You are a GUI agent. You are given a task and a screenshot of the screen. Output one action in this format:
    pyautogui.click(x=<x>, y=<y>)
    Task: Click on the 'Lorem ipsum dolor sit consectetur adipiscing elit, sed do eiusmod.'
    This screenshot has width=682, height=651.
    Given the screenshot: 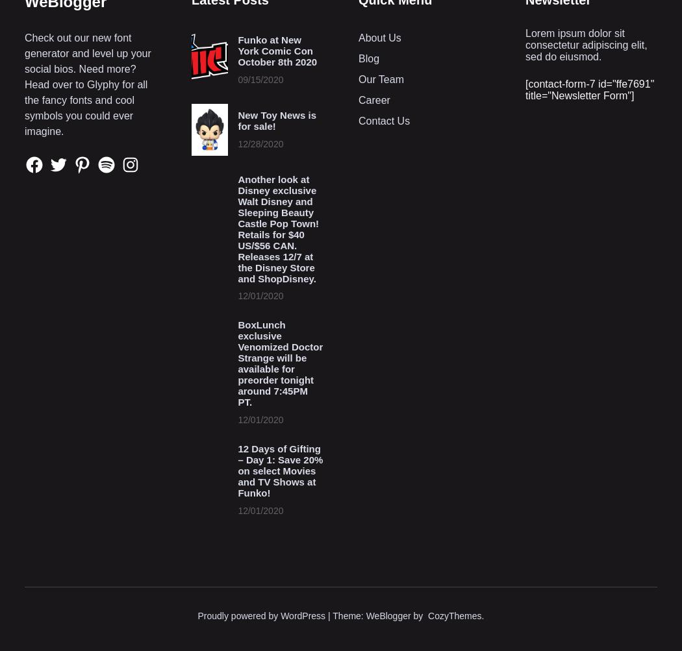 What is the action you would take?
    pyautogui.click(x=586, y=44)
    